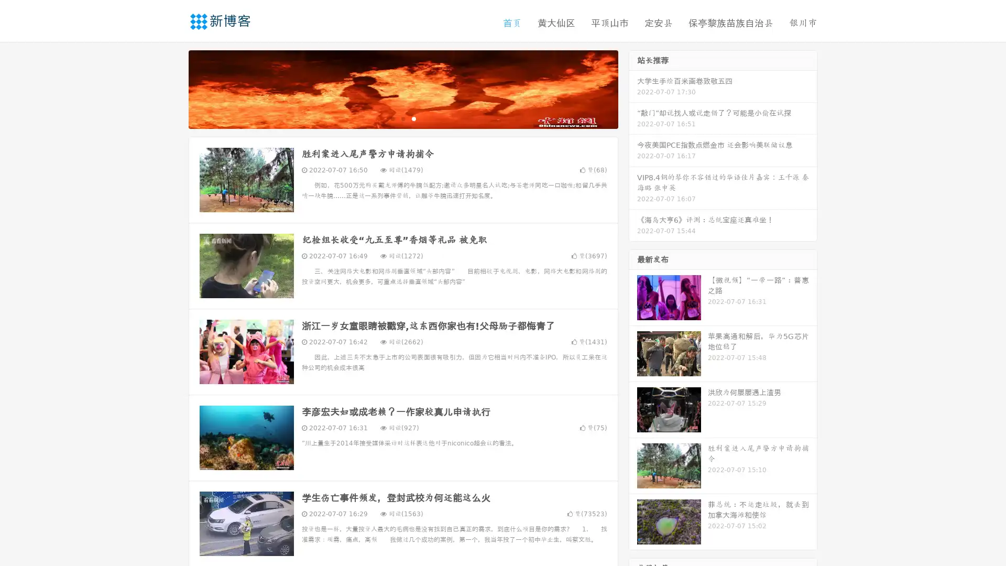 This screenshot has height=566, width=1006. What do you see at coordinates (392, 118) in the screenshot?
I see `Go to slide 1` at bounding box center [392, 118].